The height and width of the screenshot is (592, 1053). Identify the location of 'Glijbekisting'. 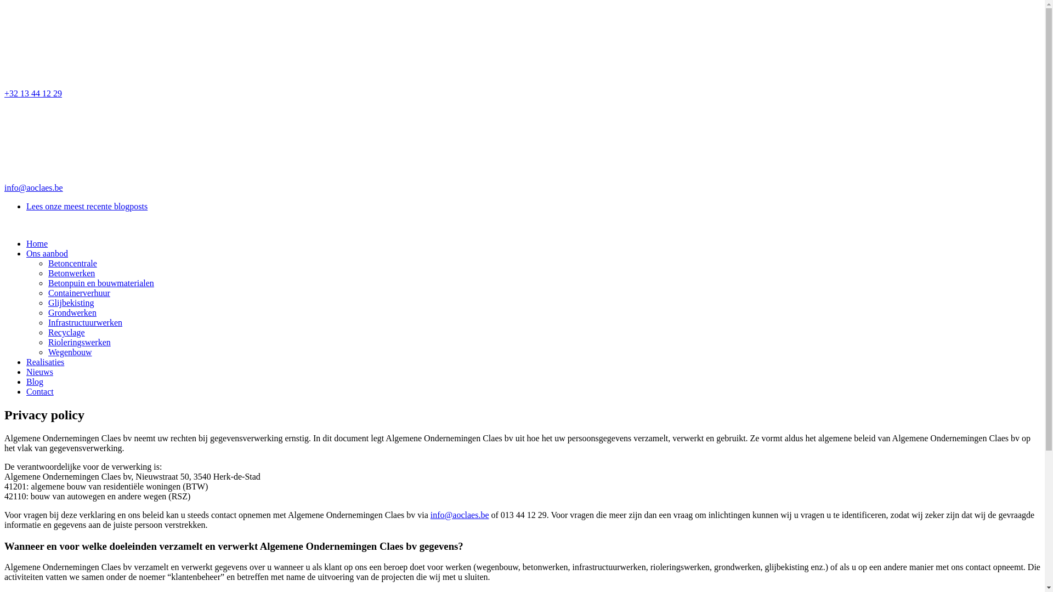
(70, 303).